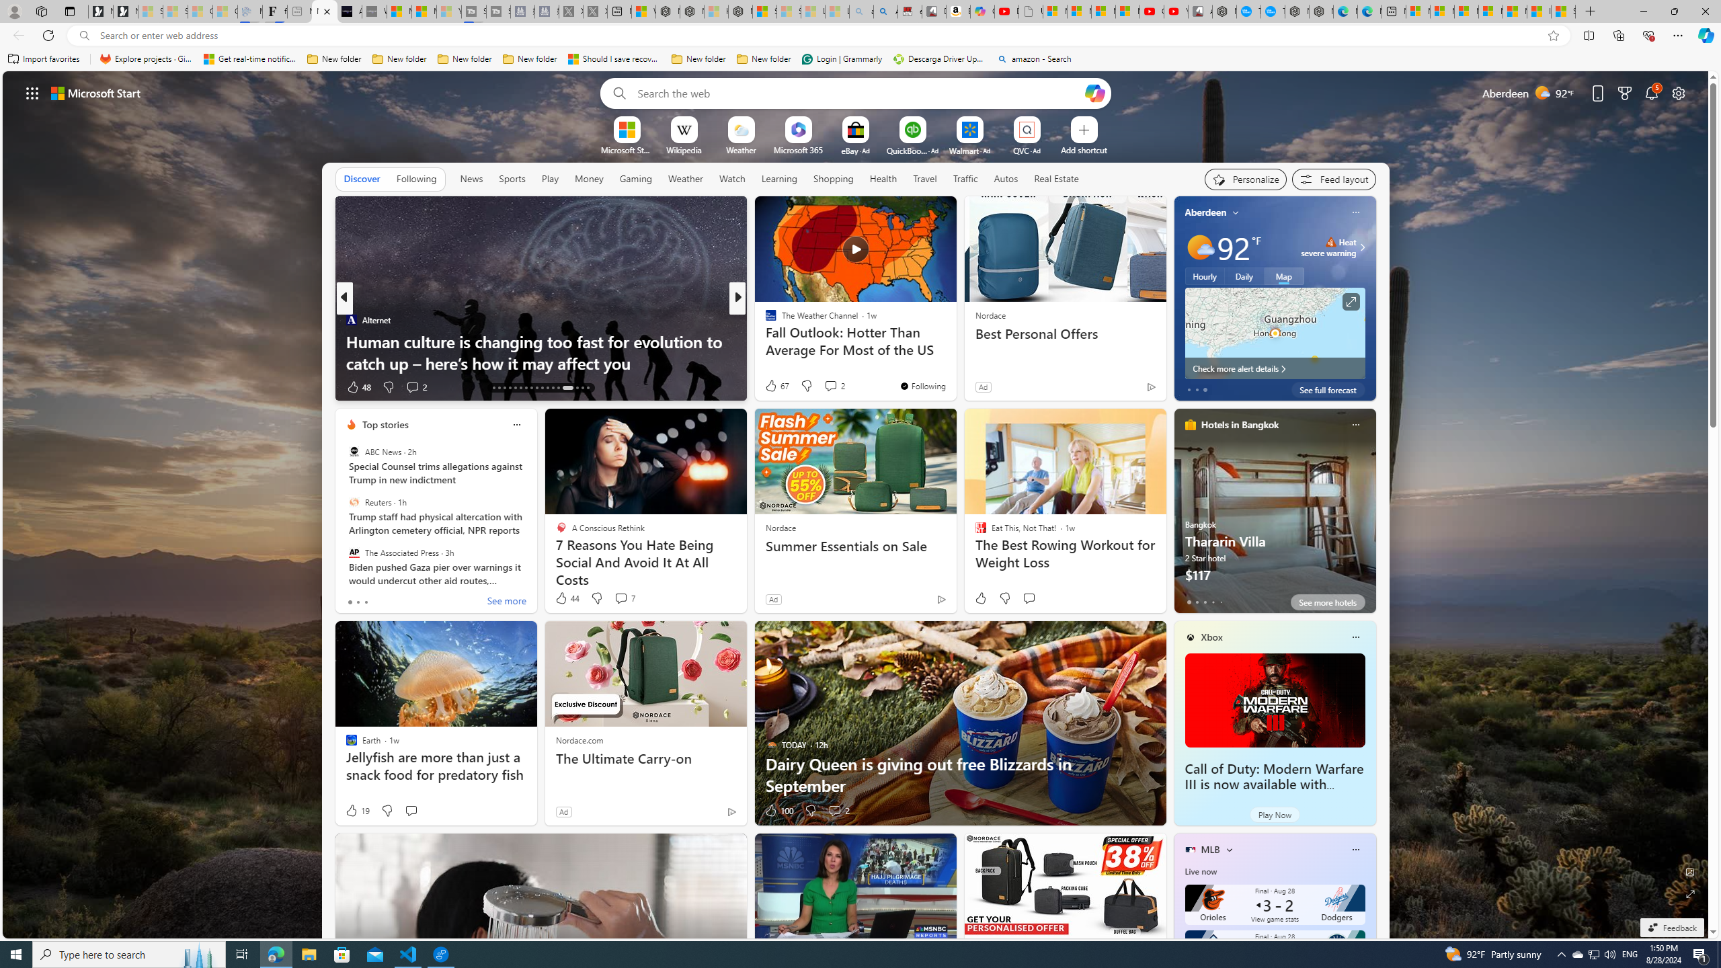 The image size is (1721, 968). I want to click on 'Gaming', so click(635, 178).